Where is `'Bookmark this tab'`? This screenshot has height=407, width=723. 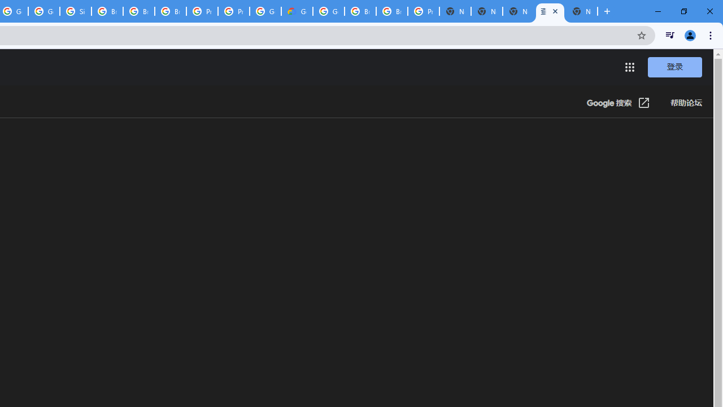
'Bookmark this tab' is located at coordinates (642, 34).